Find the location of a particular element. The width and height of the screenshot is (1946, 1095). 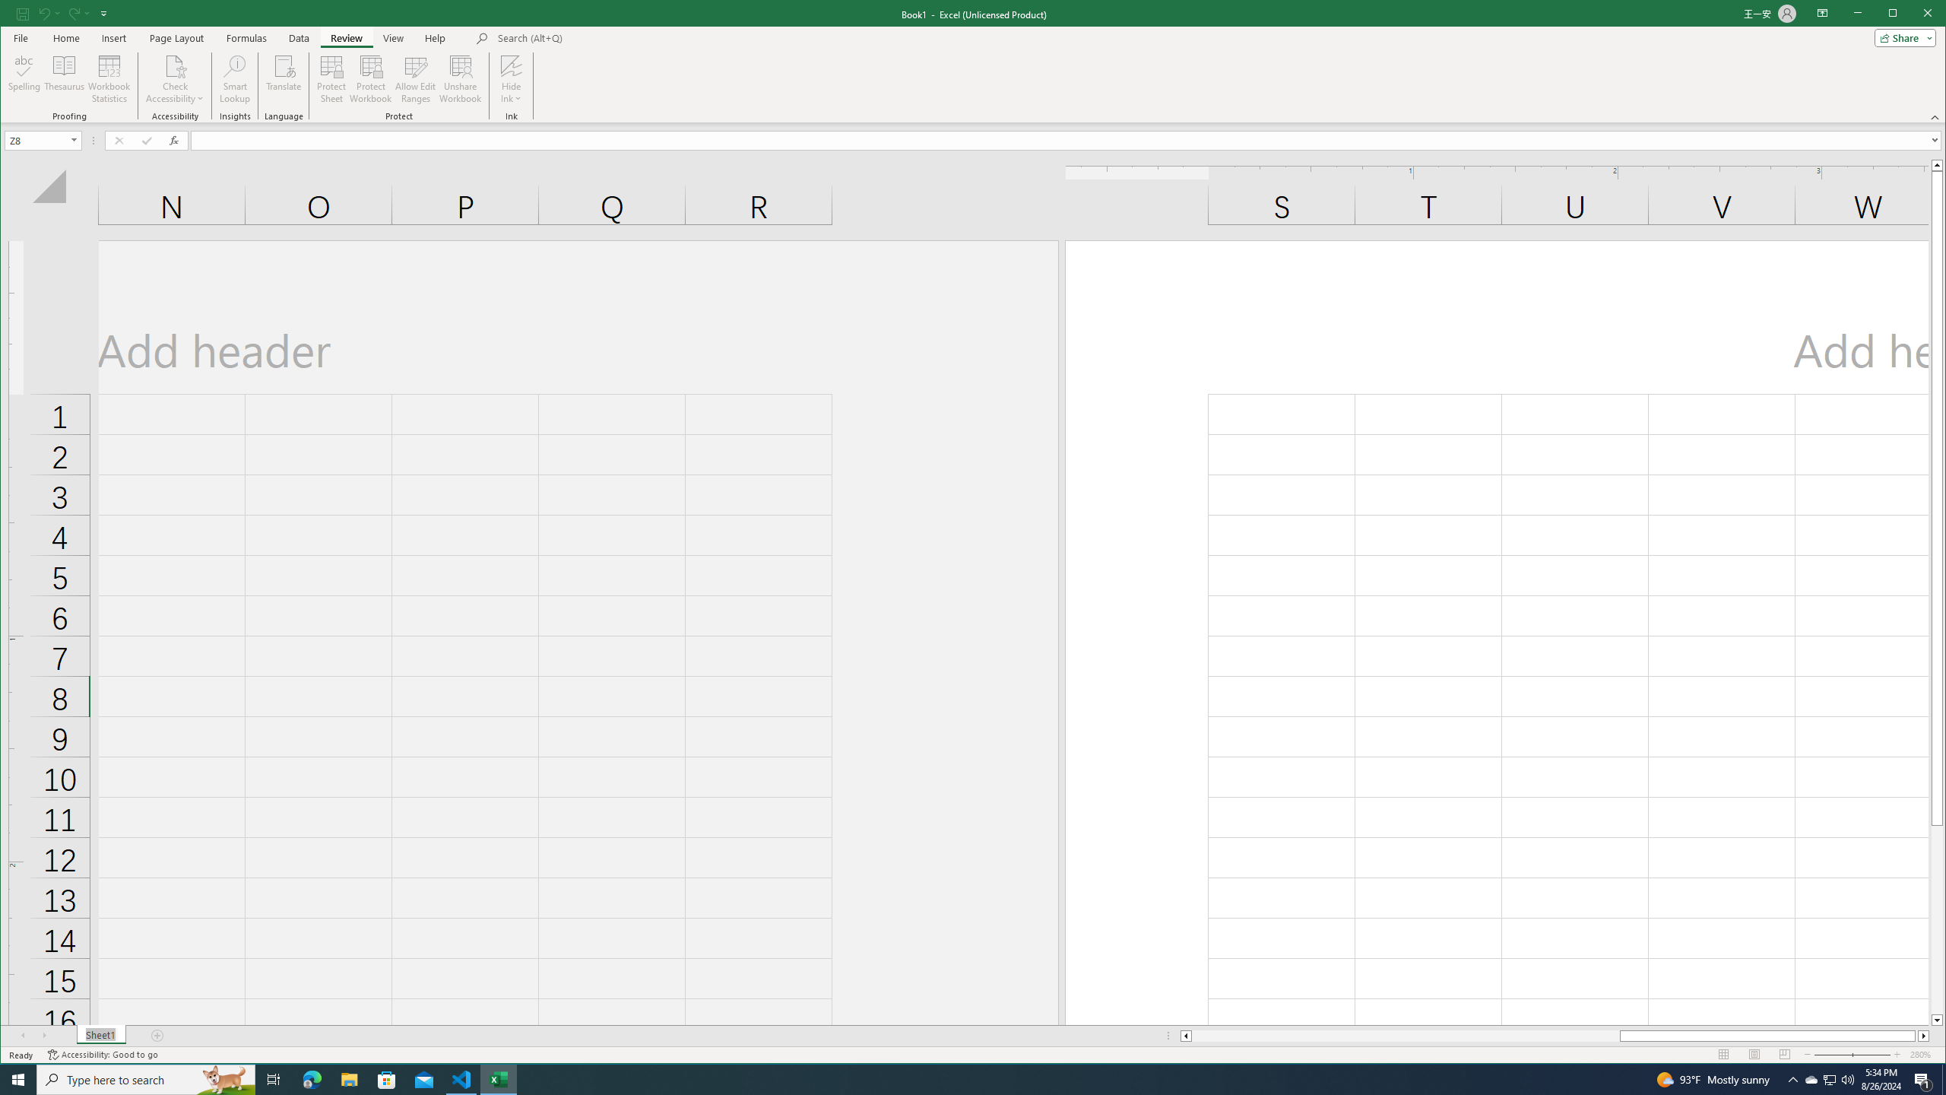

'Ribbon Display Options' is located at coordinates (1822, 14).